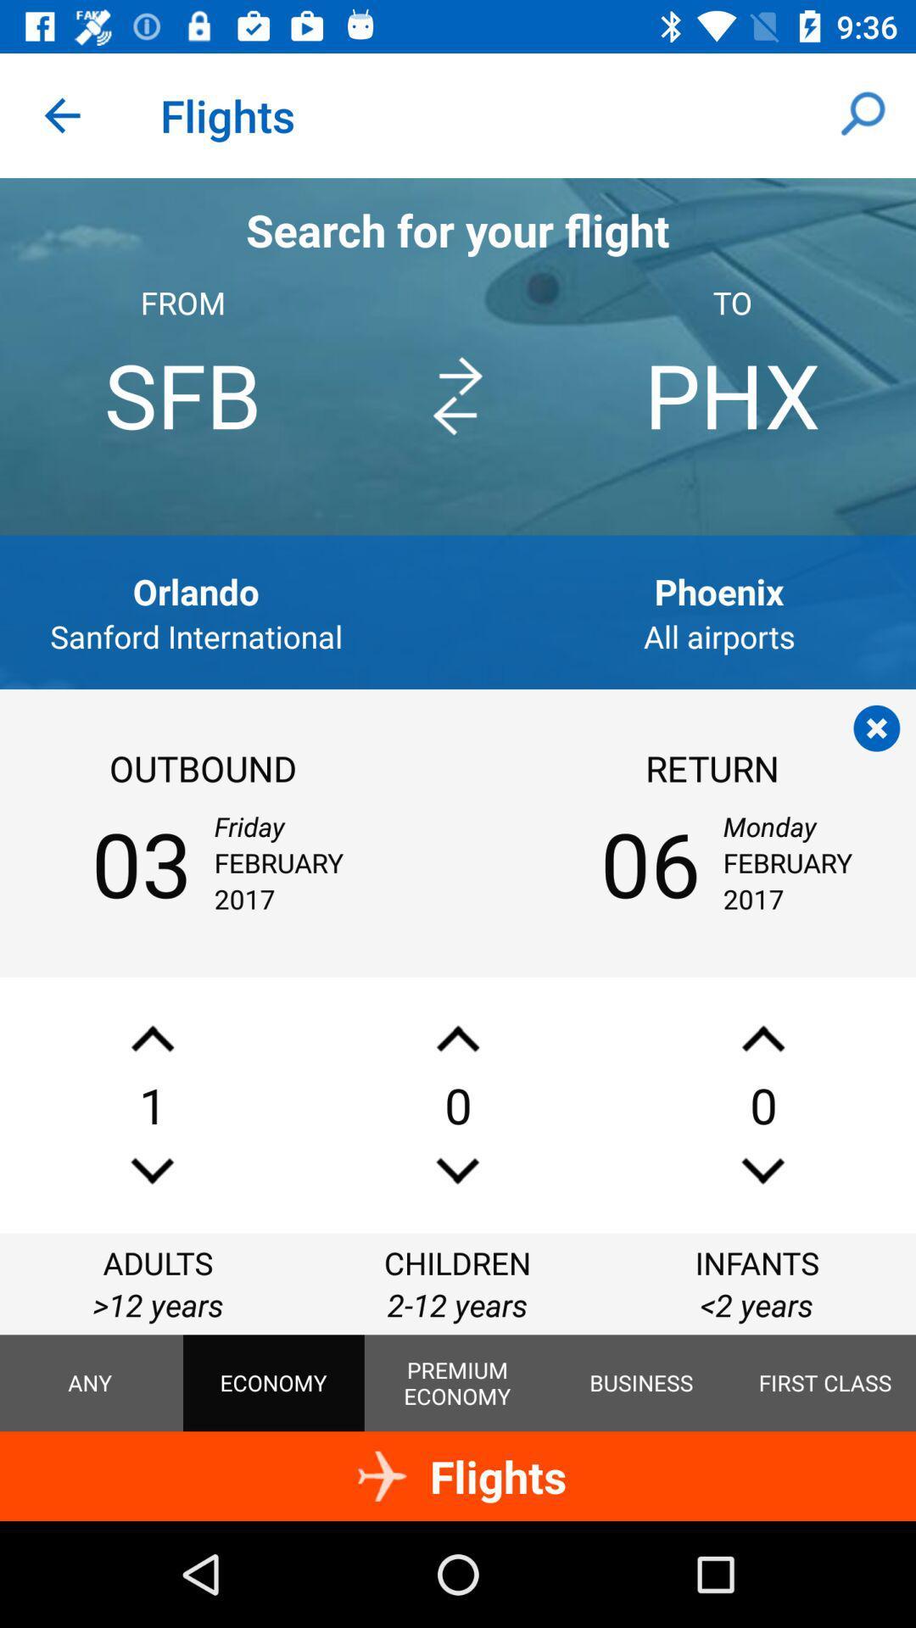 This screenshot has width=916, height=1628. What do you see at coordinates (90, 1383) in the screenshot?
I see `the any icon` at bounding box center [90, 1383].